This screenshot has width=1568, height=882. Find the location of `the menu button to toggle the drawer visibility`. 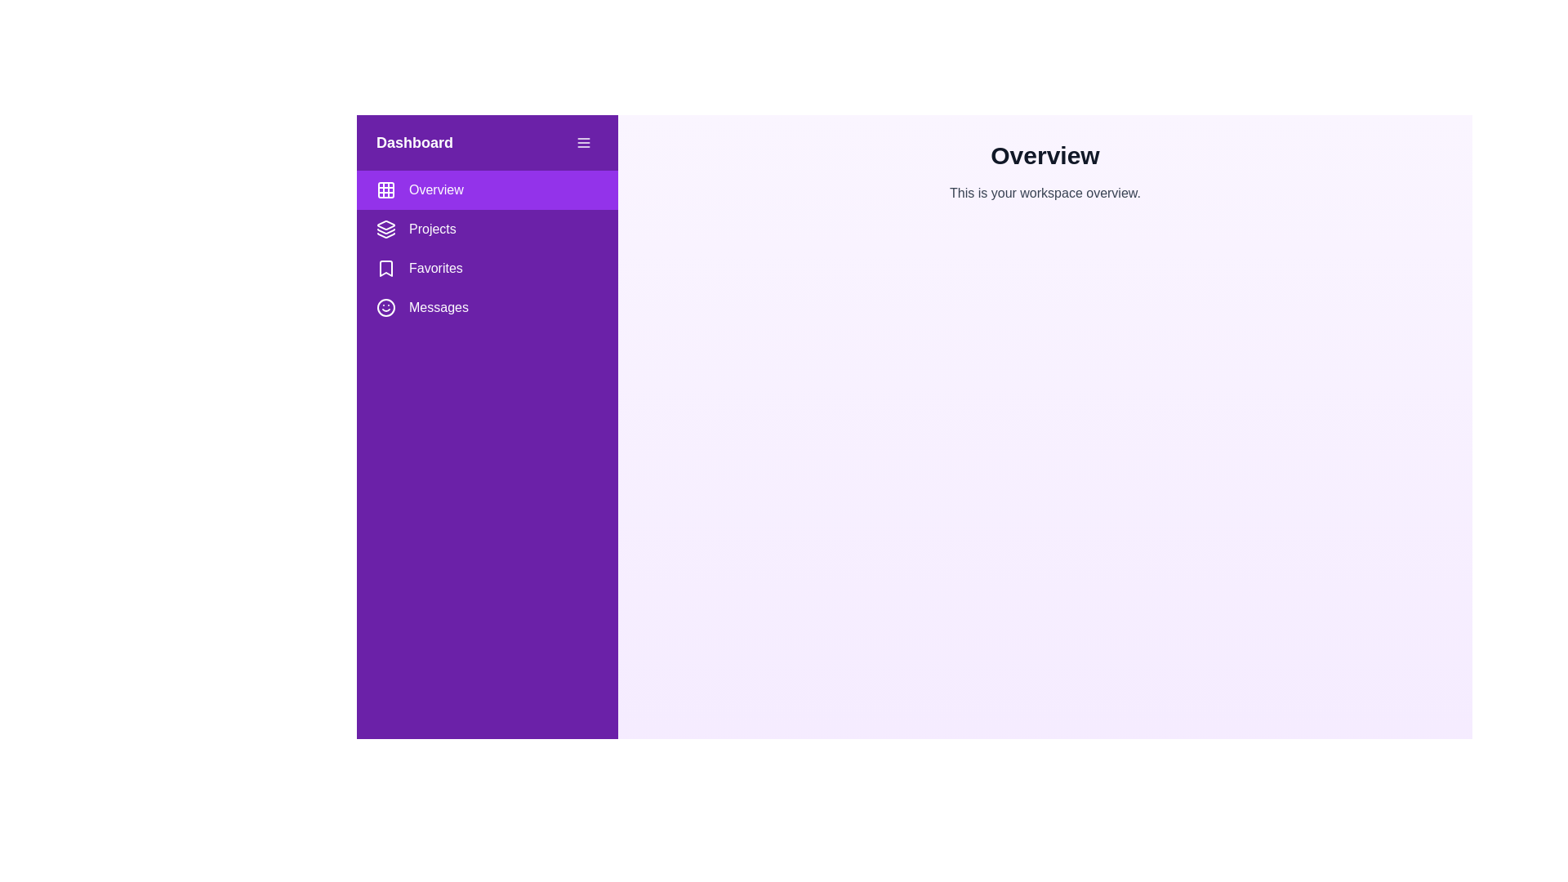

the menu button to toggle the drawer visibility is located at coordinates (584, 141).